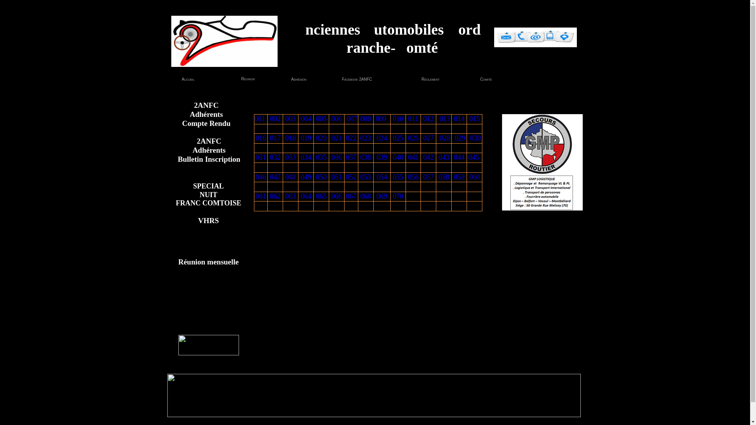  Describe the element at coordinates (376, 196) in the screenshot. I see `'069'` at that location.